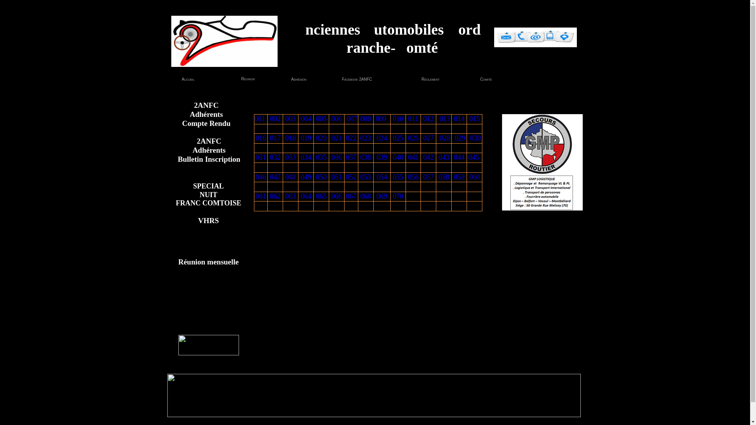  Describe the element at coordinates (376, 196) in the screenshot. I see `'069'` at that location.